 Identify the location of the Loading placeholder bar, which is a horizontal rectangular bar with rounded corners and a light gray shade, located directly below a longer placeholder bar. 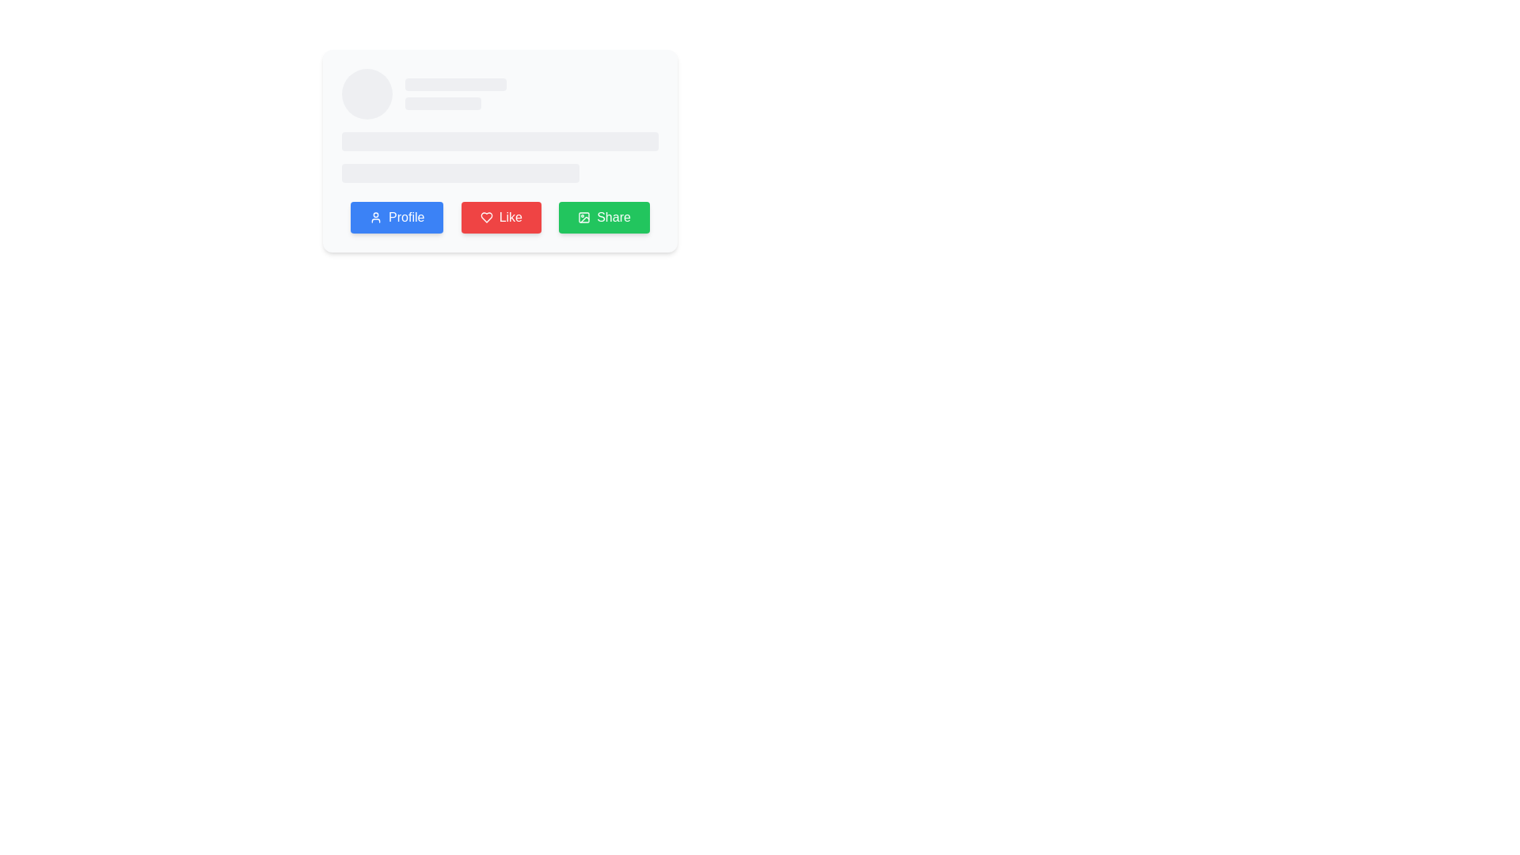
(443, 104).